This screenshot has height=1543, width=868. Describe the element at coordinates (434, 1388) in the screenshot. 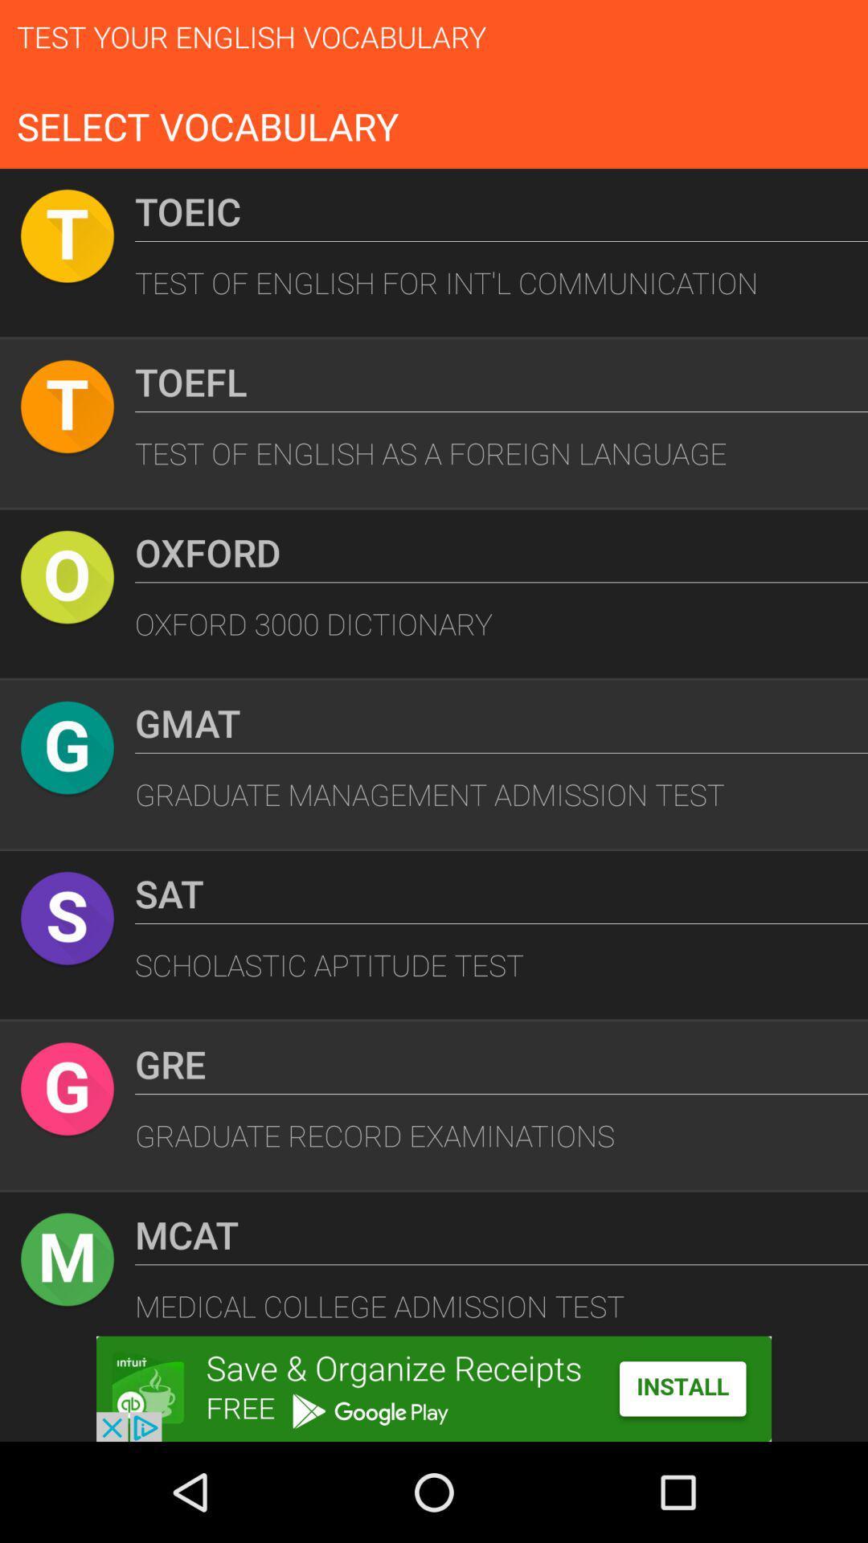

I see `the advertisement` at that location.